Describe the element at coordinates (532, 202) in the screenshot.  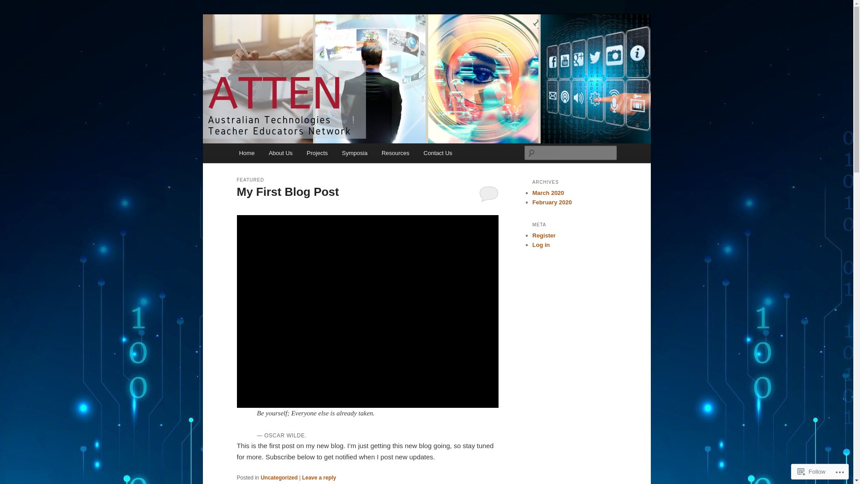
I see `'February 2020'` at that location.